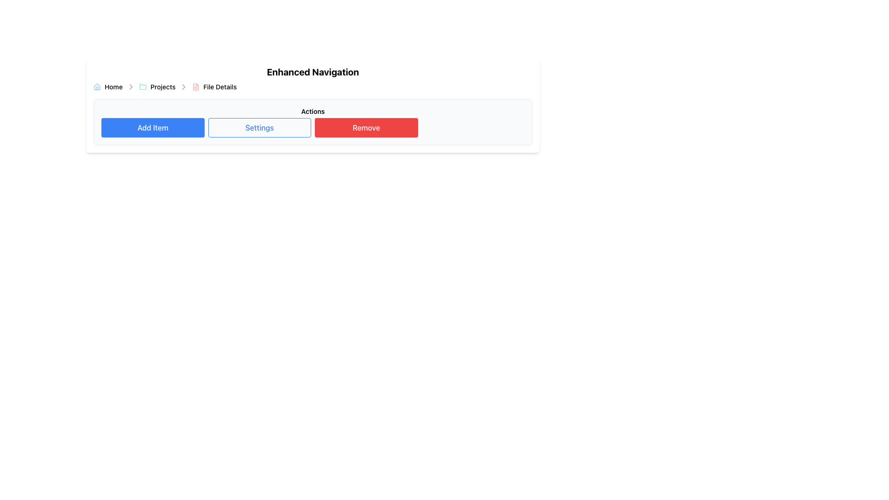  Describe the element at coordinates (366, 128) in the screenshot. I see `the 'Remove' button, which is a rectangular button with a red background and white text, located in the 'Actions' section at the far right of the three horizontally arranged buttons` at that location.